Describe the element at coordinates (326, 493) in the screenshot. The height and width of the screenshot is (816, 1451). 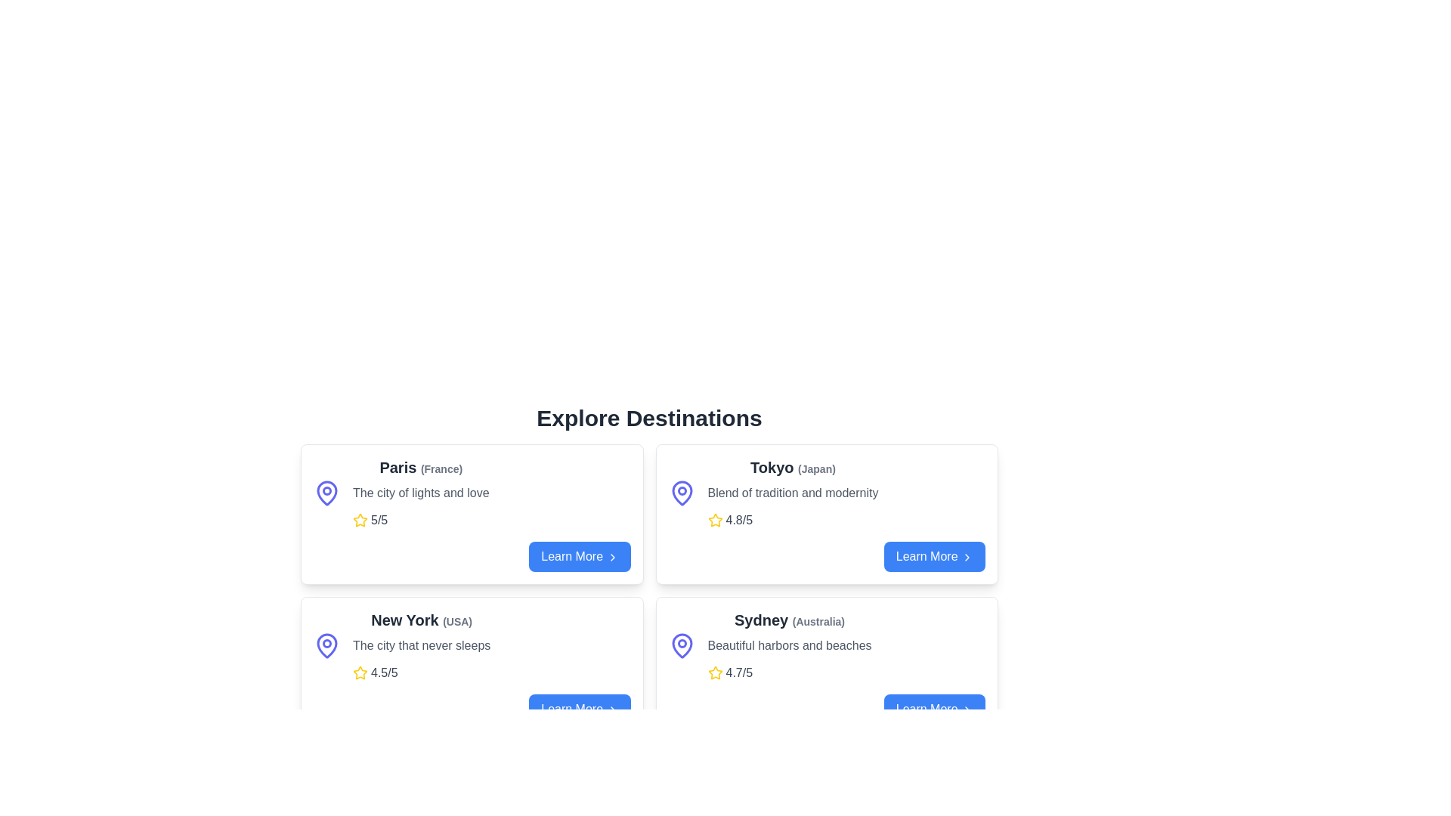
I see `the indigo map pin icon located at the top-left corner of the 'Paris' card, which has a hollow circular center and a sharp downward point` at that location.